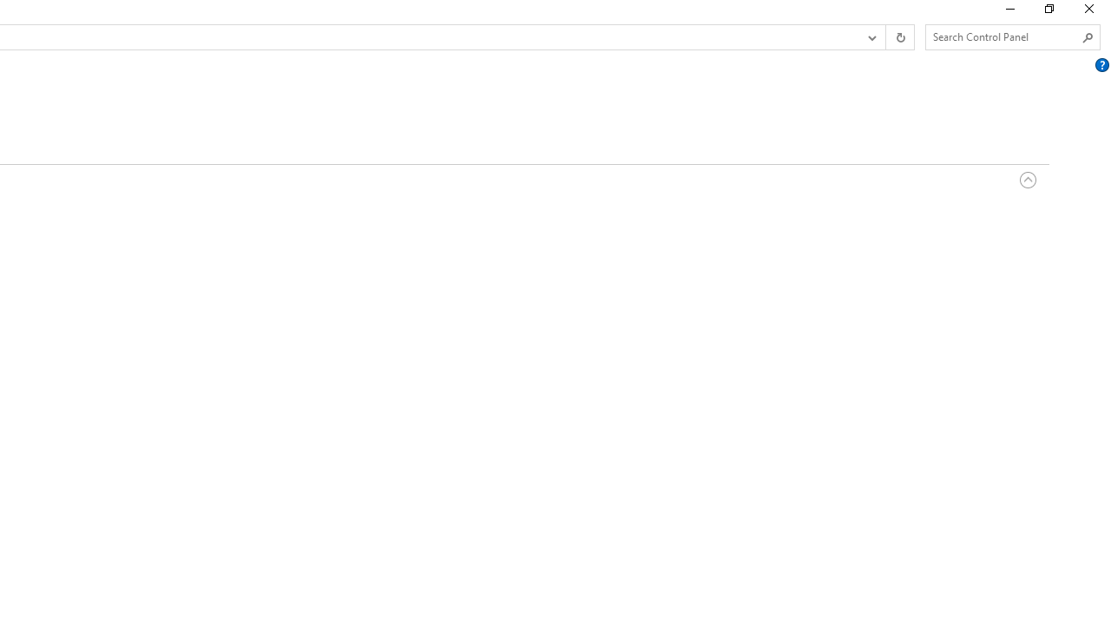  What do you see at coordinates (885, 37) in the screenshot?
I see `'Address band toolbar'` at bounding box center [885, 37].